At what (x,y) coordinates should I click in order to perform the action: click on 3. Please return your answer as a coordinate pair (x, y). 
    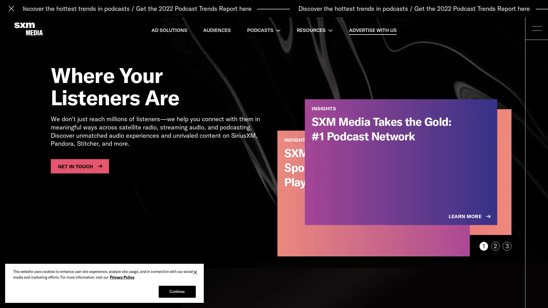
    Looking at the image, I should click on (507, 246).